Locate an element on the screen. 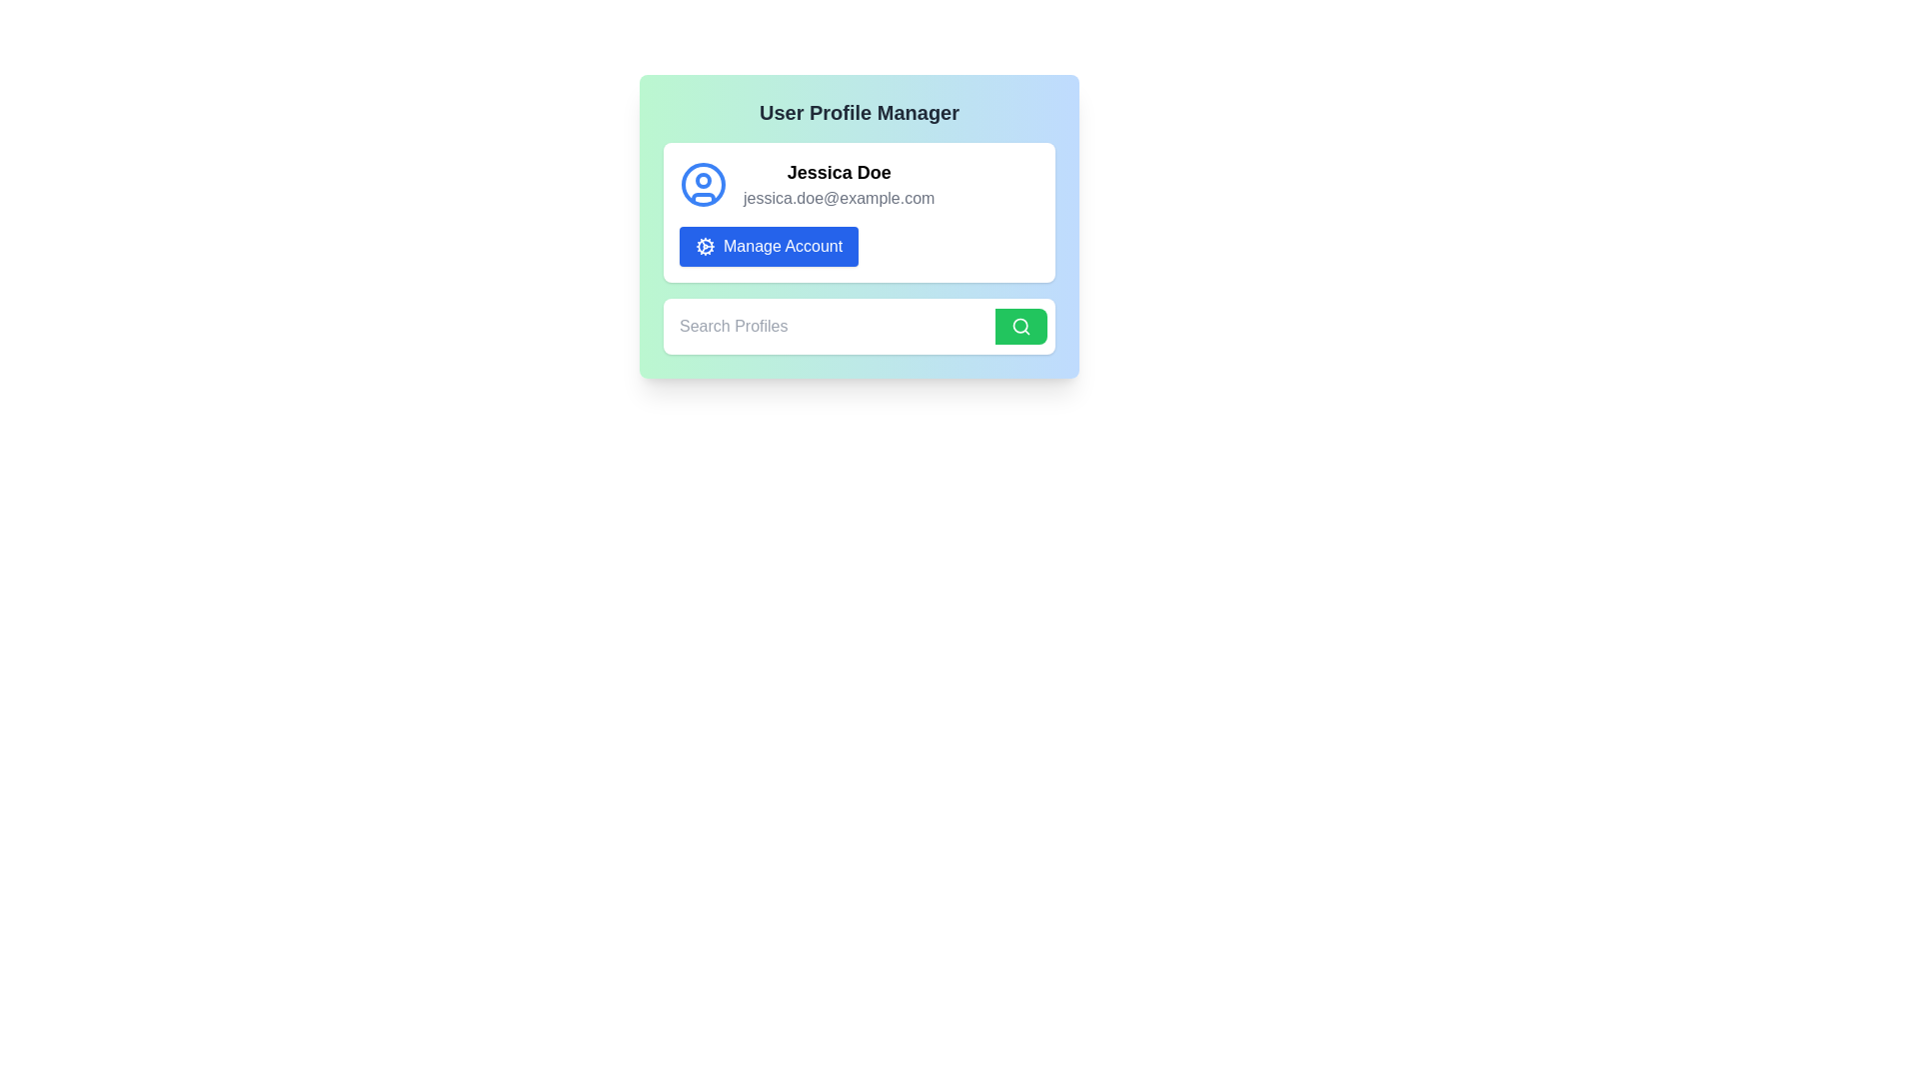 The image size is (1919, 1079). the informational text display for 'Jessica Doe' which includes the name and email address, styled in bold and gray respectively, located within a profile card is located at coordinates (839, 185).